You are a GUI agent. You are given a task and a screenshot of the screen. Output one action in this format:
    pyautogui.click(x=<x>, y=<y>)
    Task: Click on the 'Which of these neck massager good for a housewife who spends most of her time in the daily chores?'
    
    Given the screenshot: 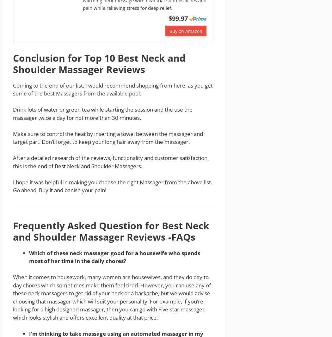 What is the action you would take?
    pyautogui.click(x=114, y=257)
    